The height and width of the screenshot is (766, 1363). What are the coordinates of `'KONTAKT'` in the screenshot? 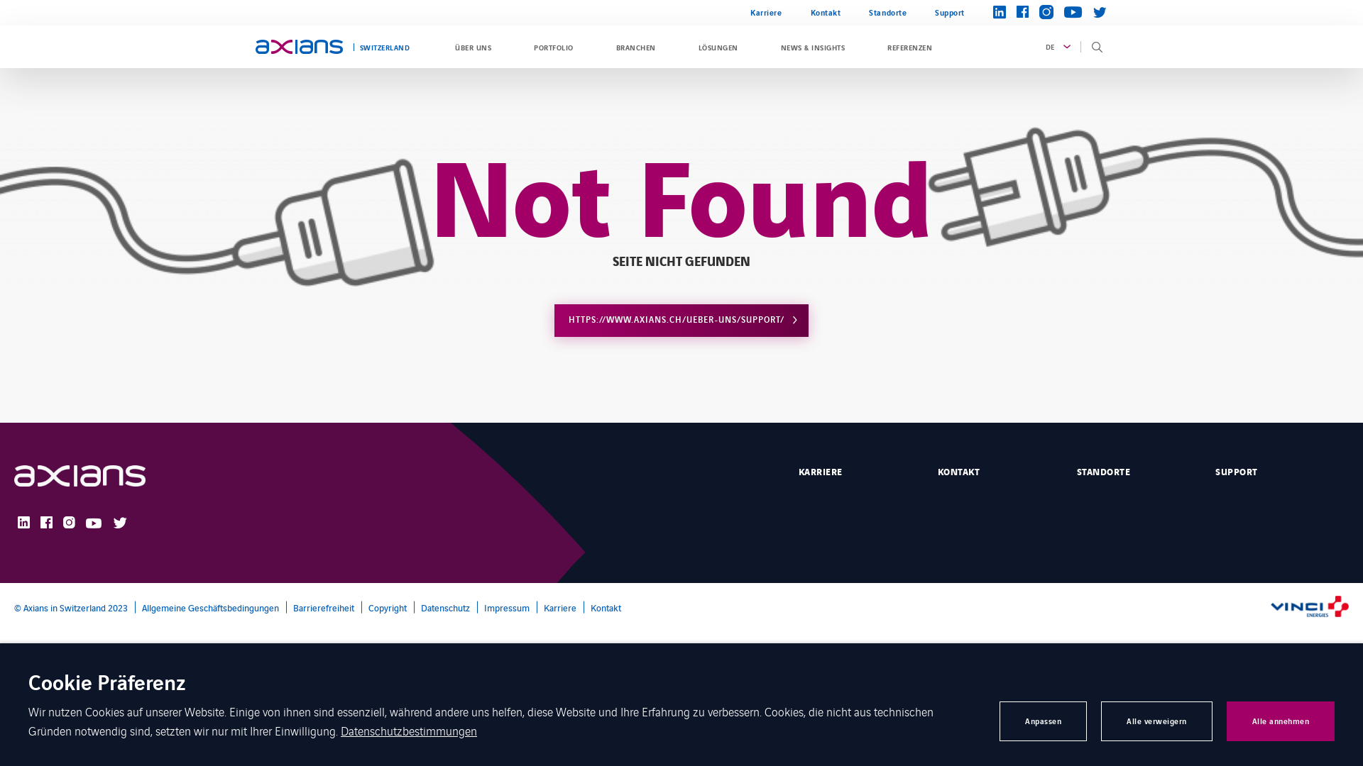 It's located at (995, 470).